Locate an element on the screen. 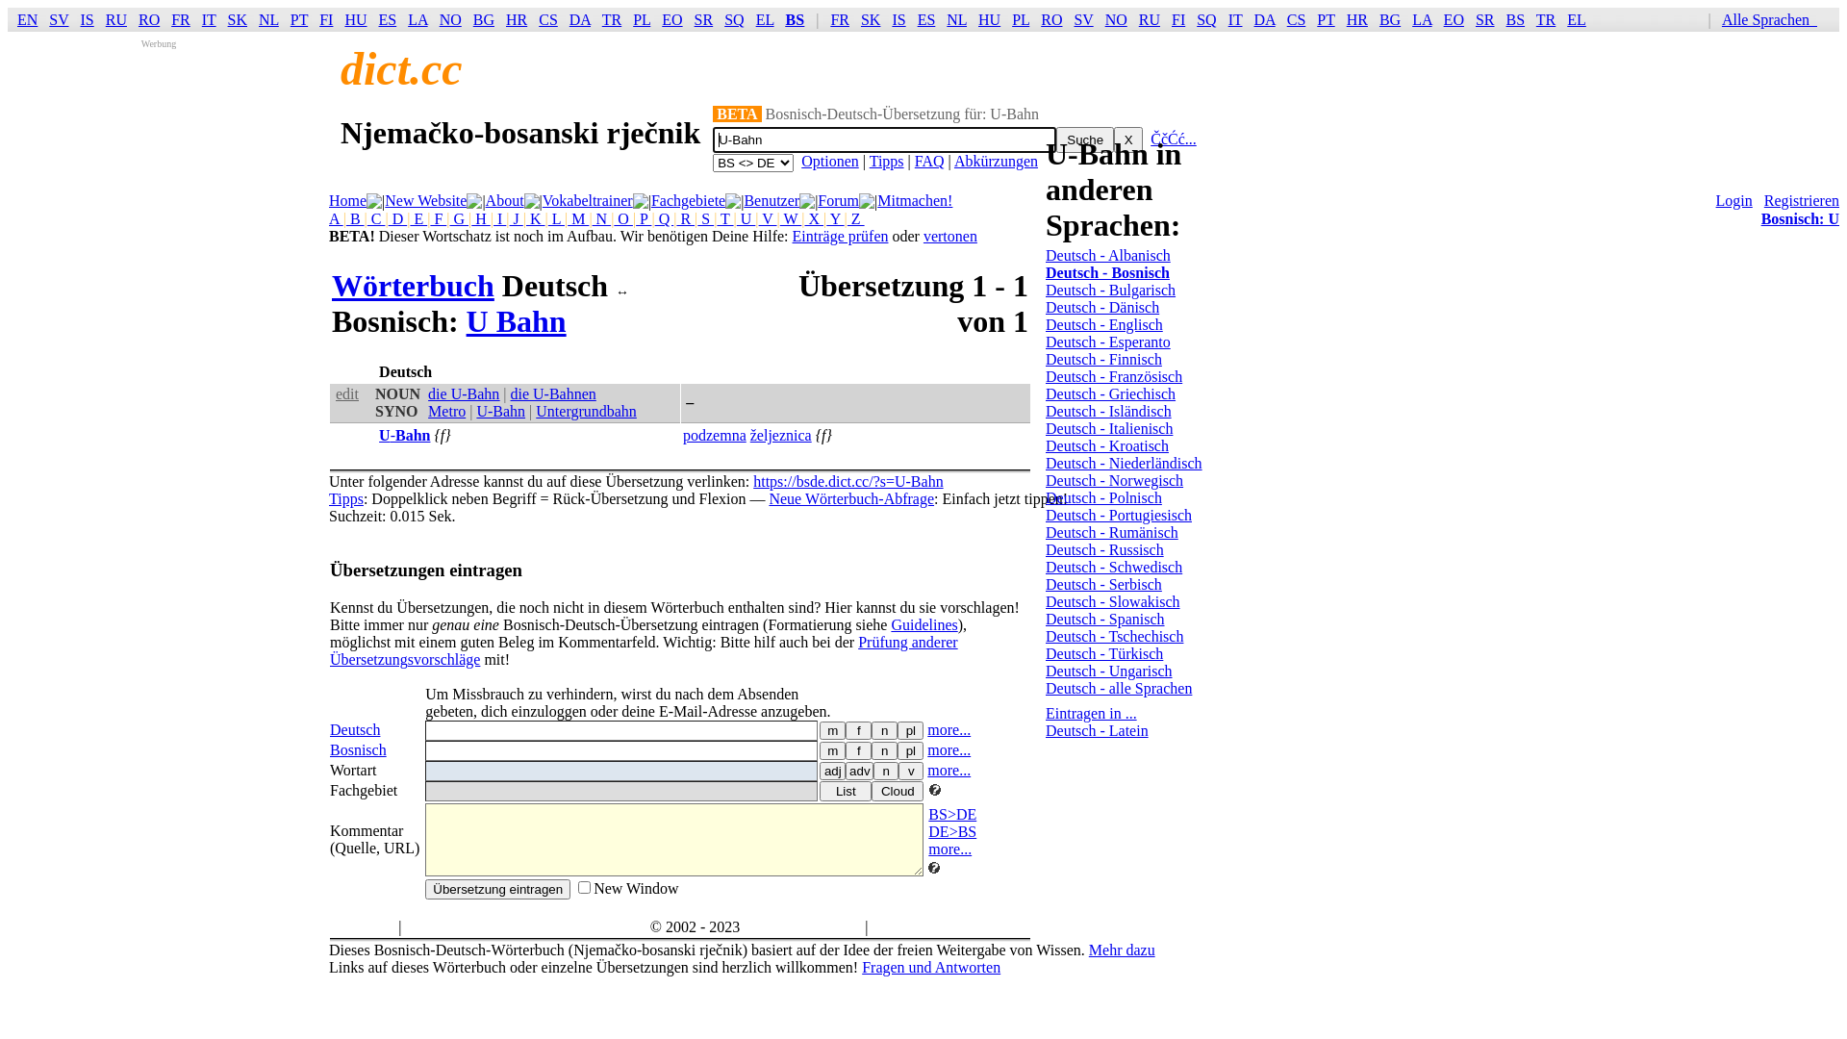  'EL' is located at coordinates (764, 19).